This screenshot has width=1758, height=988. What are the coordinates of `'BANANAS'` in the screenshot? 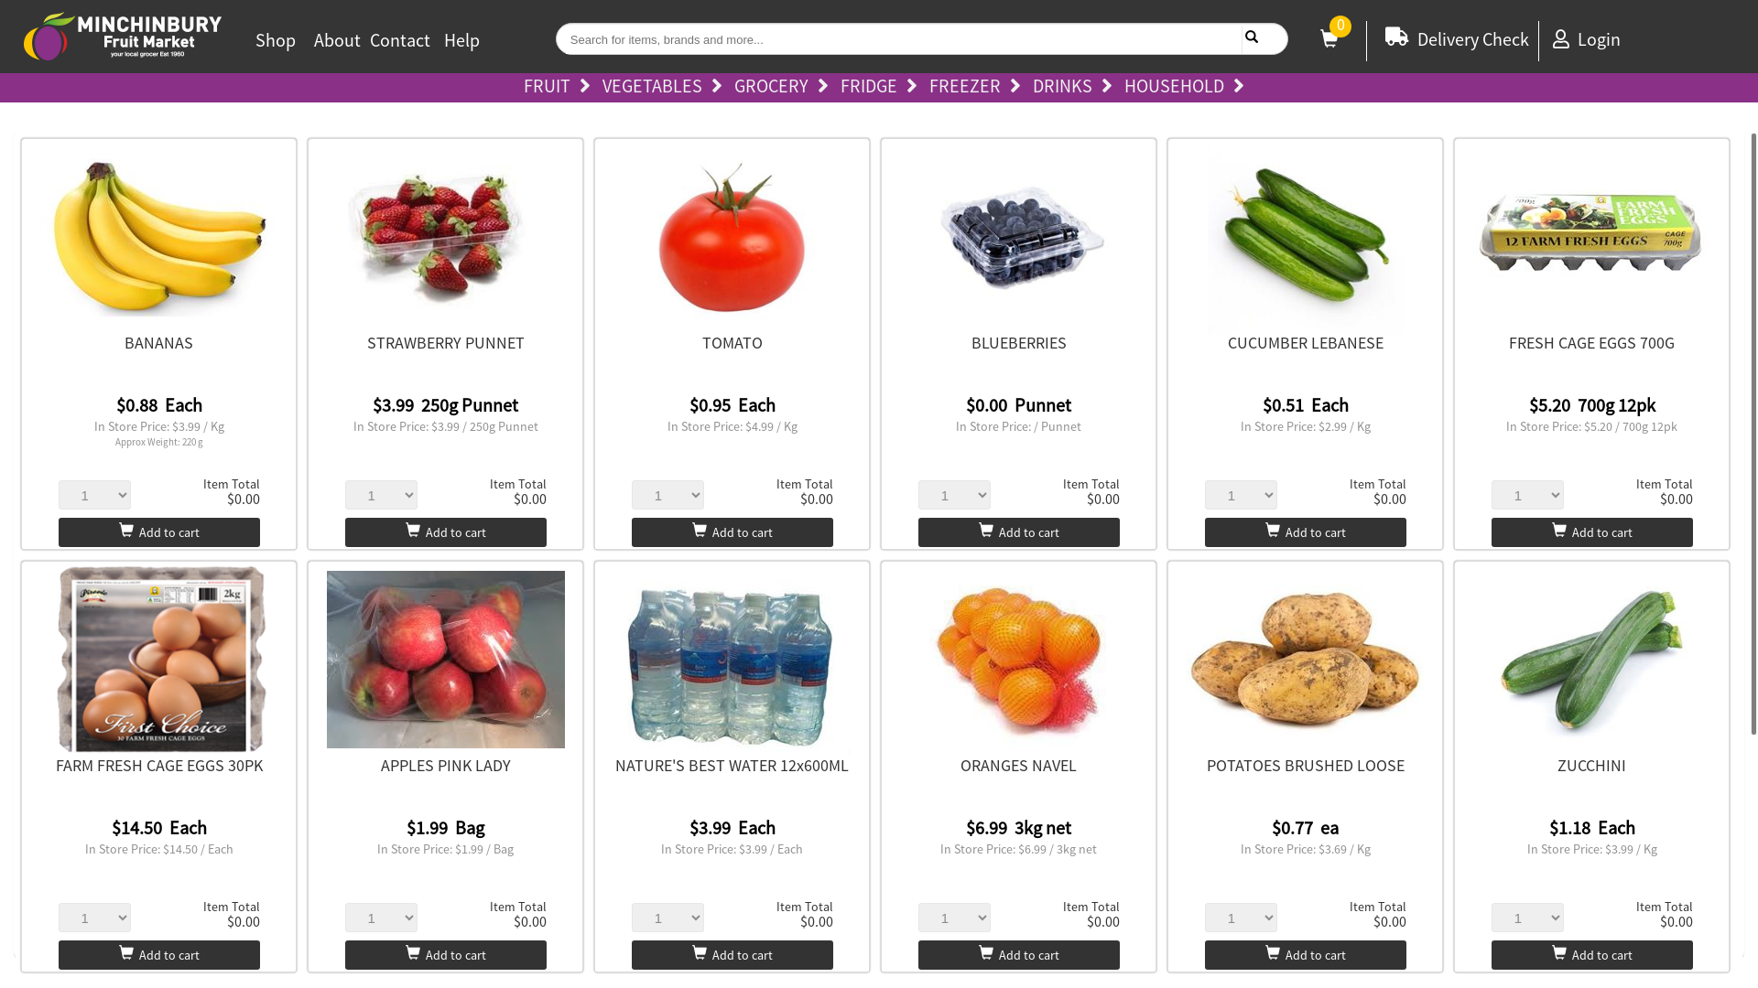 It's located at (123, 342).